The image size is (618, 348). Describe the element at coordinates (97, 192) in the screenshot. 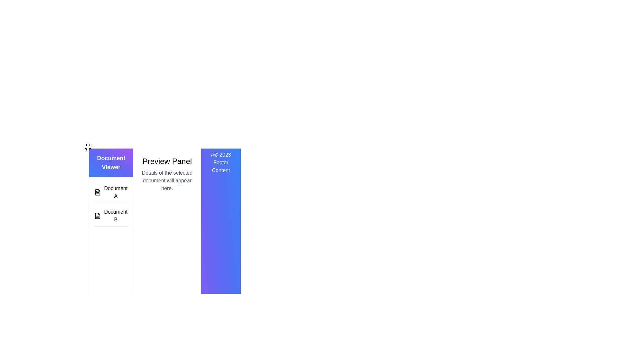

I see `the document icon labeled 'Document A'` at that location.